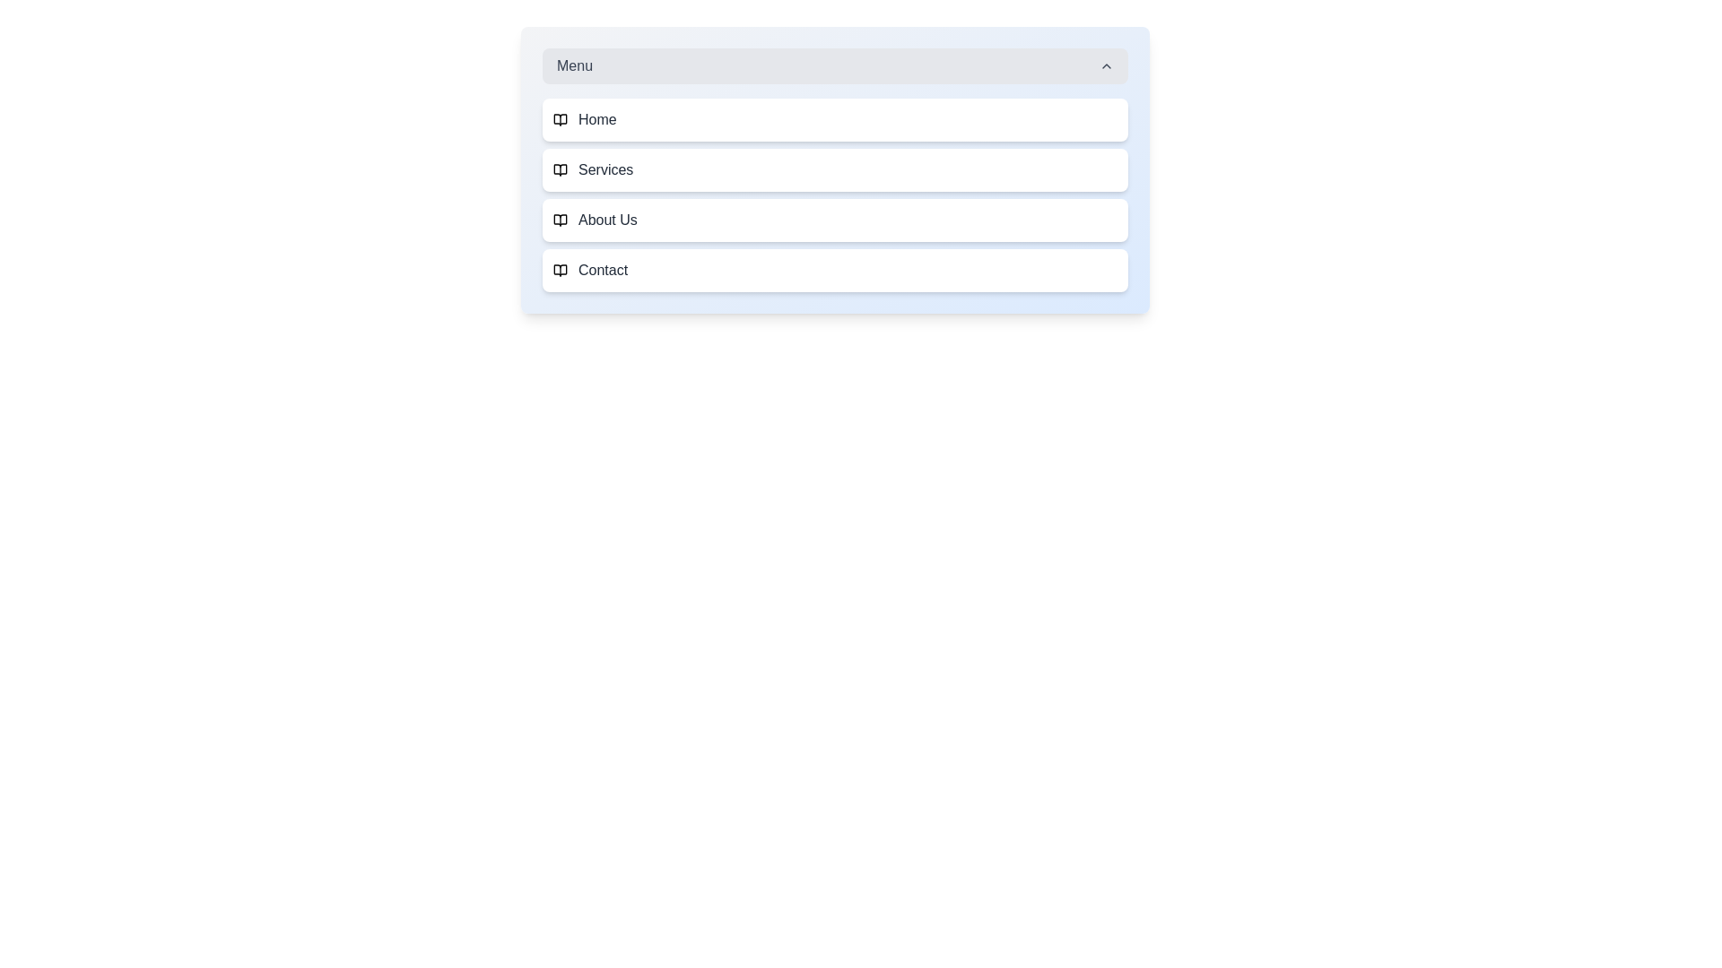 Image resolution: width=1722 pixels, height=968 pixels. Describe the element at coordinates (607, 220) in the screenshot. I see `the 'About Us' text label located in the third row of the vertical menu list, which is displayed in dark gray and has a medium font weight` at that location.